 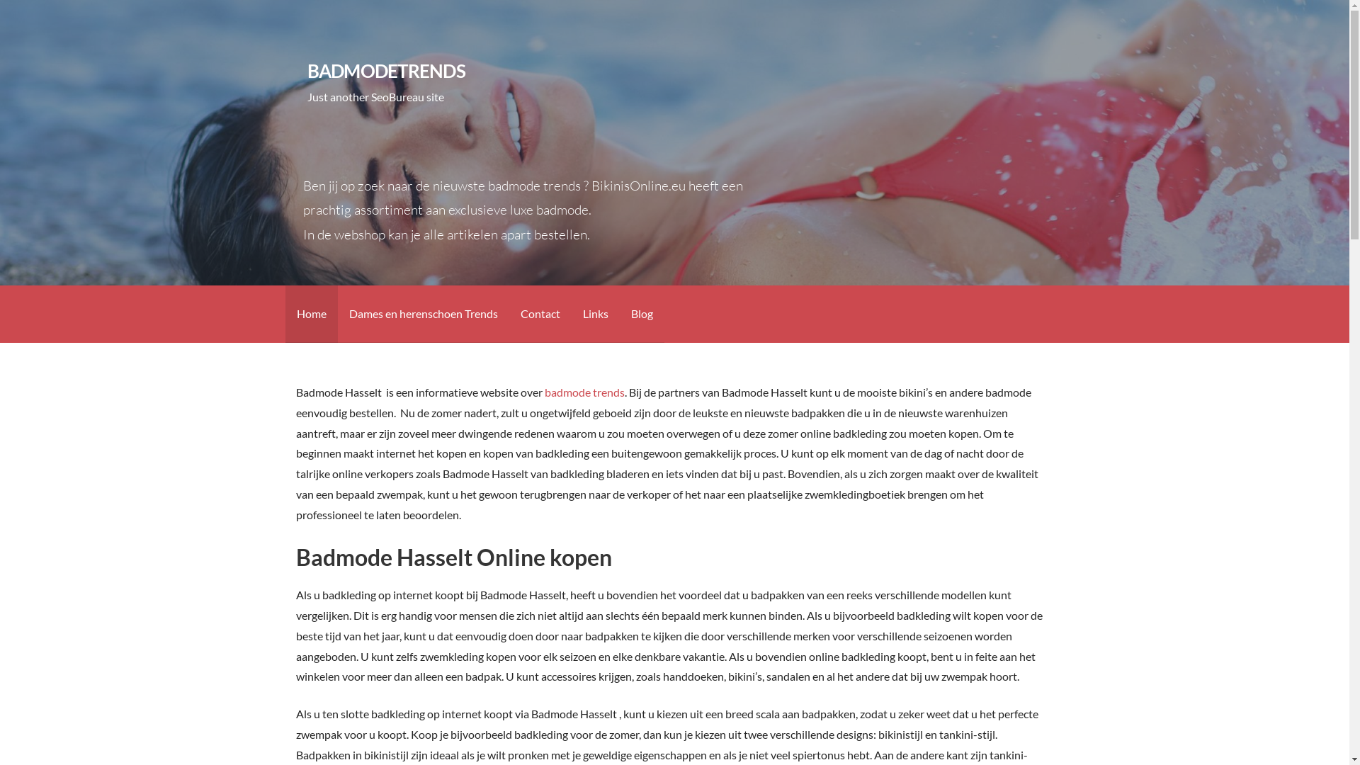 I want to click on 'BADMODETRENDS', so click(x=386, y=71).